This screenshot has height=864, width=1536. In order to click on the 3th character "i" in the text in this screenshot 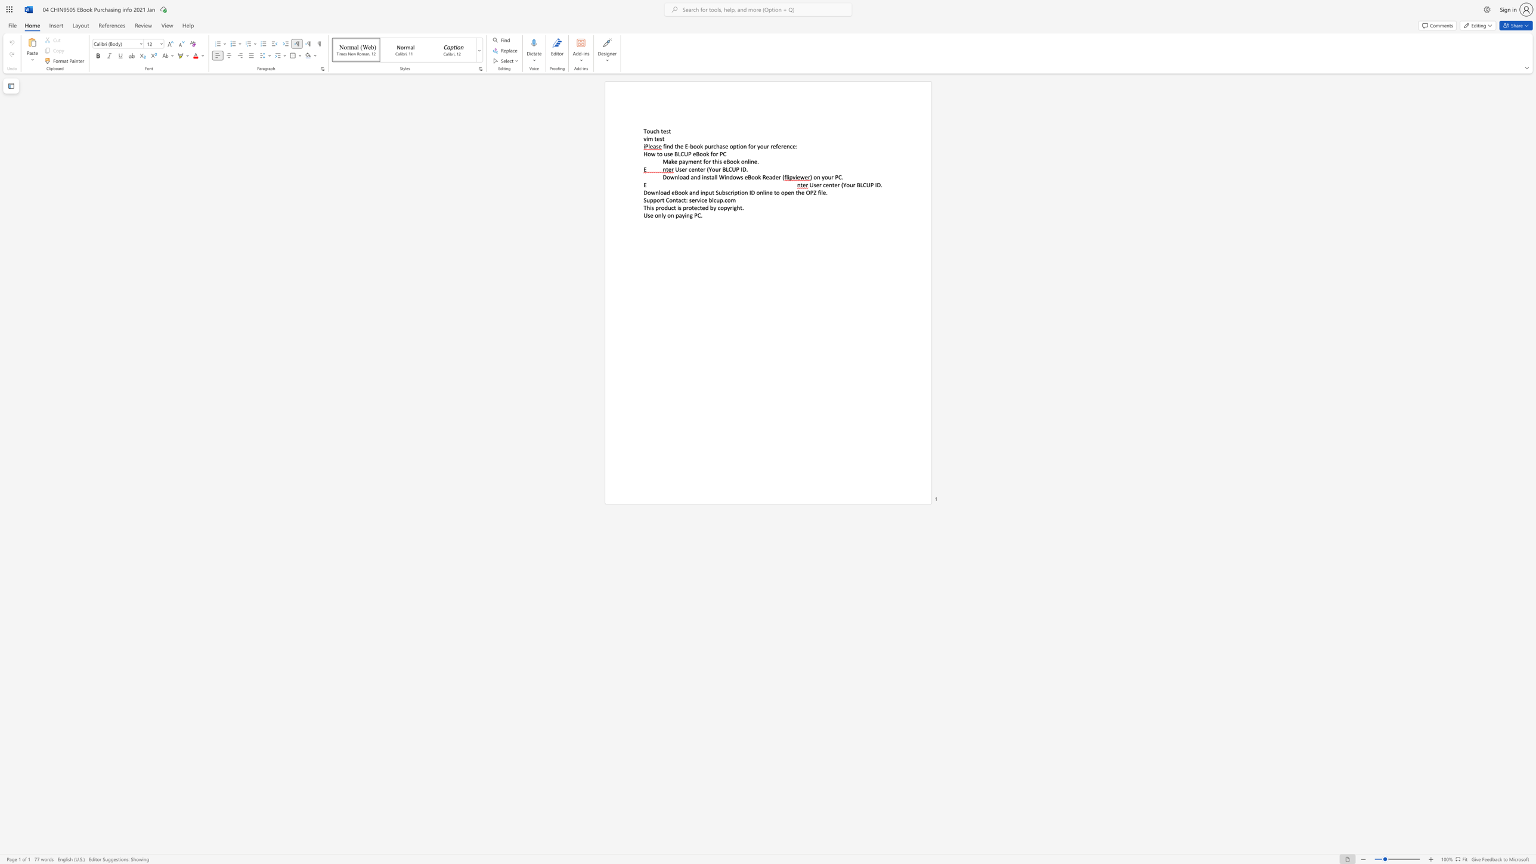, I will do `click(740, 191)`.